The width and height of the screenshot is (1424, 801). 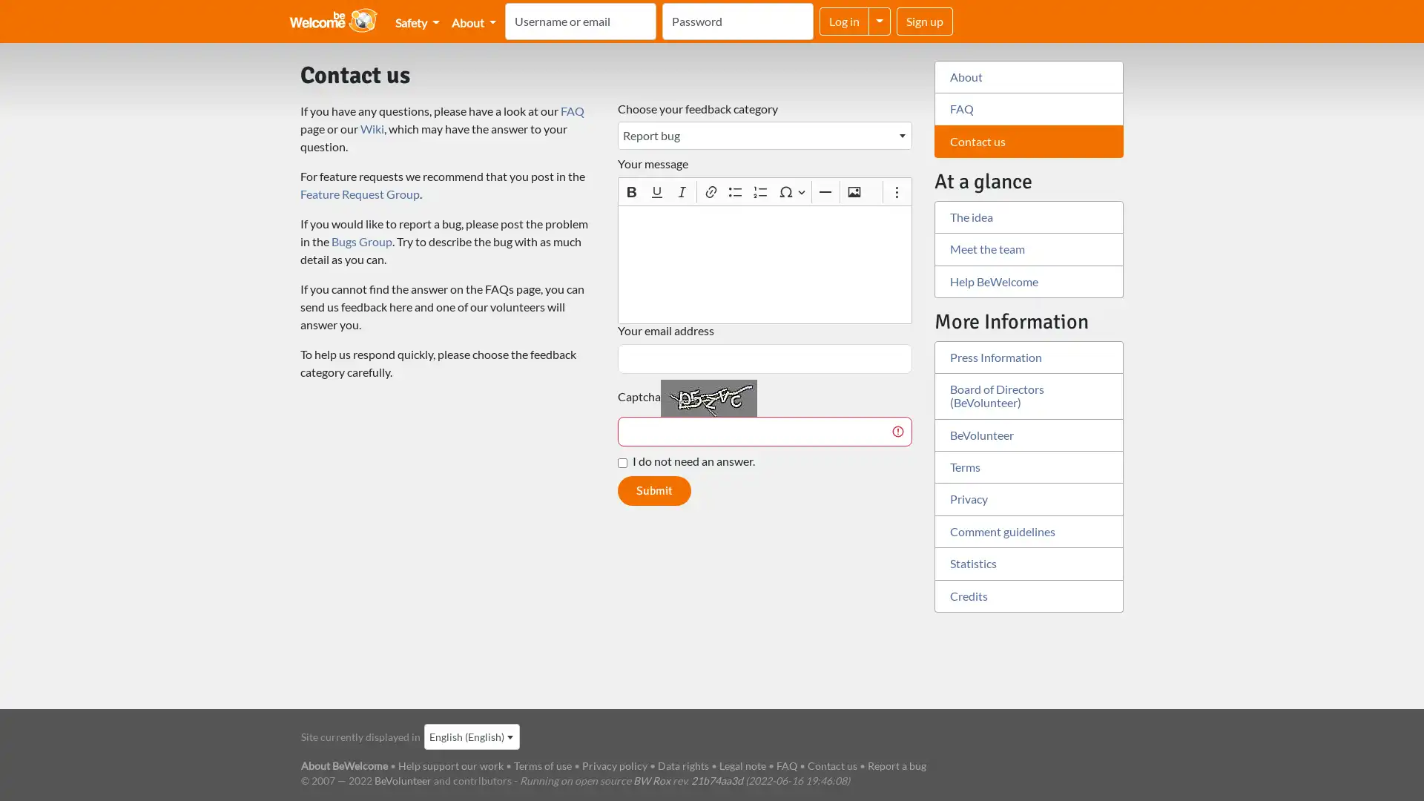 What do you see at coordinates (653, 489) in the screenshot?
I see `Submit` at bounding box center [653, 489].